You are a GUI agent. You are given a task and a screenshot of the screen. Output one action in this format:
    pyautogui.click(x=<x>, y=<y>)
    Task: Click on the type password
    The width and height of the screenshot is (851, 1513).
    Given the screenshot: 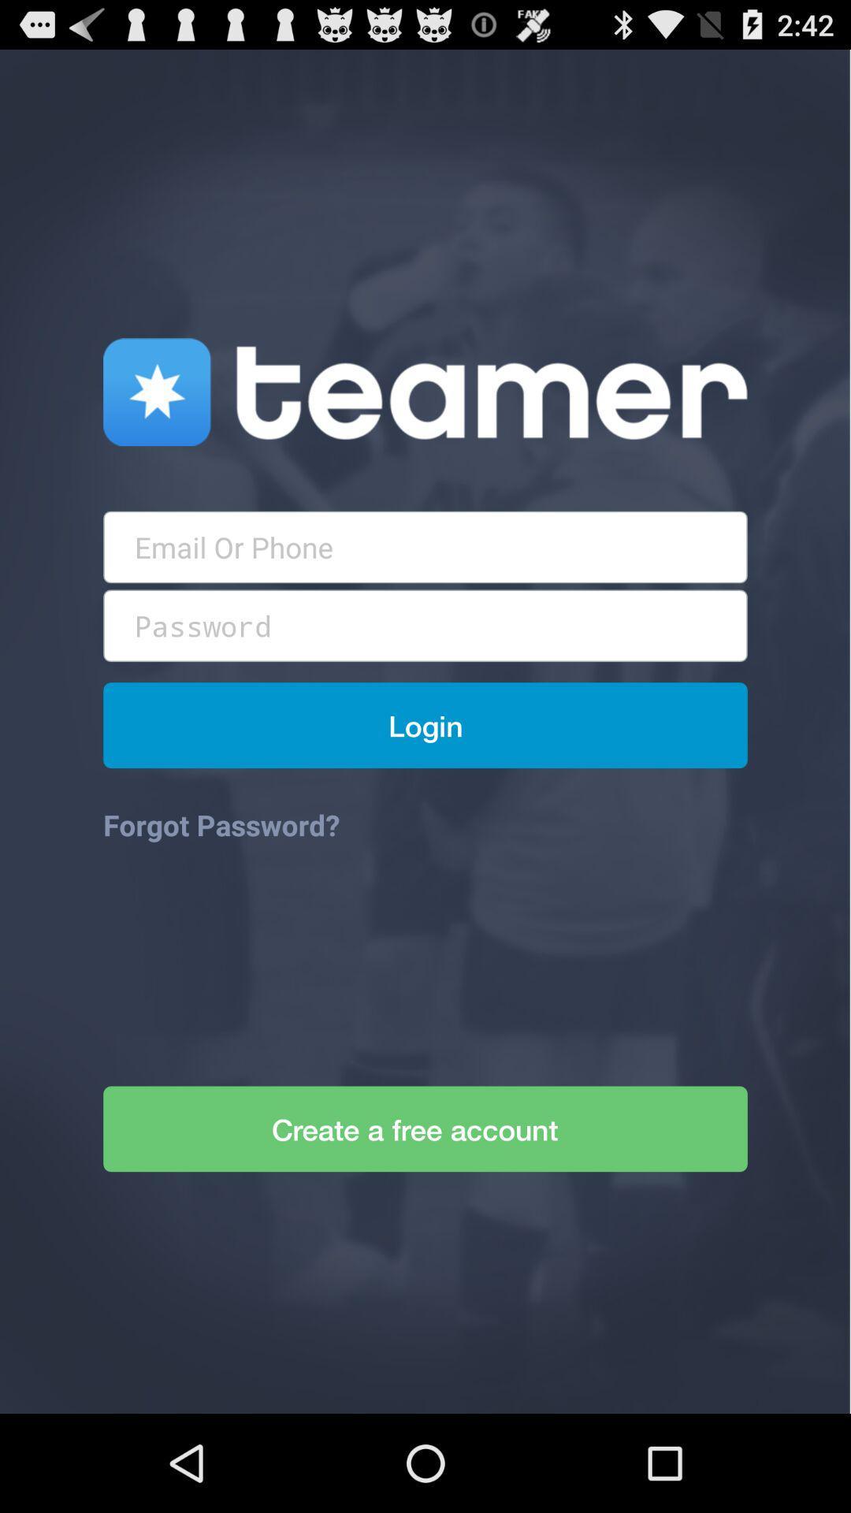 What is the action you would take?
    pyautogui.click(x=425, y=625)
    